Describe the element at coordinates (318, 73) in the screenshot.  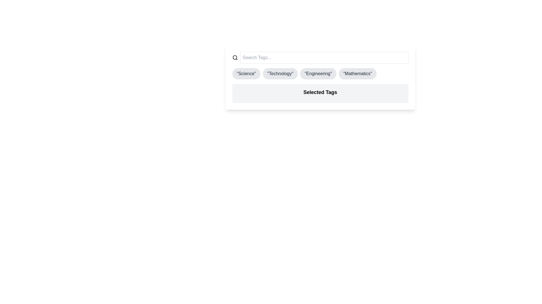
I see `the tag labeled Engineering to select it` at that location.